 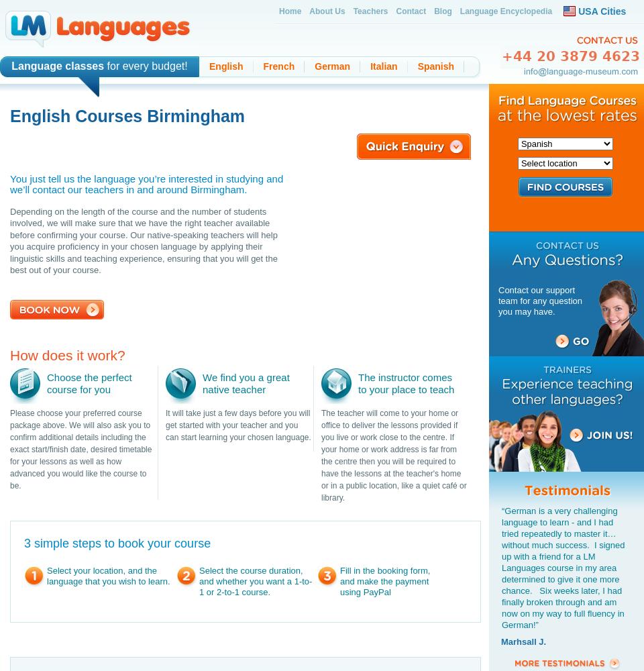 What do you see at coordinates (143, 240) in the screenshot?
I see `'Depending on the length of the course and the number of students involved, we will make sure that we have the right teacher available before confirming your course. Our native-speaking teachers will help you acquire proficiency in your chosen language by applying their linguistic skills and teaching experience, ensuring that you will get the best out of your course.'` at bounding box center [143, 240].